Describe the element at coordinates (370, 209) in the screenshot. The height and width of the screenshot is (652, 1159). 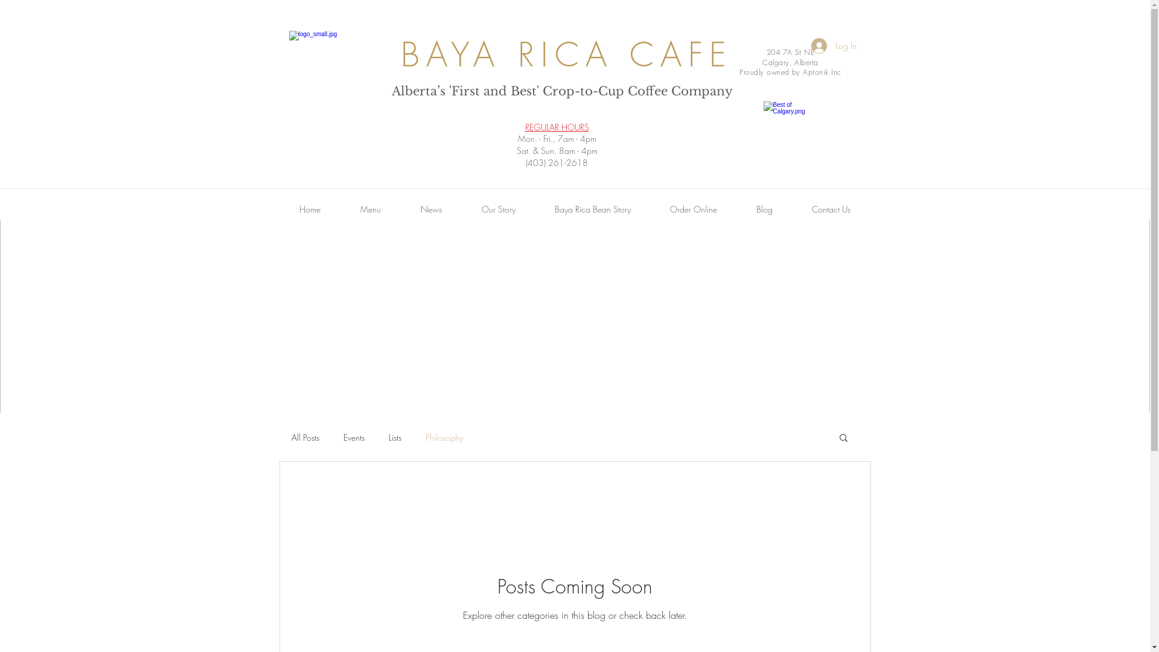
I see `'Menu'` at that location.